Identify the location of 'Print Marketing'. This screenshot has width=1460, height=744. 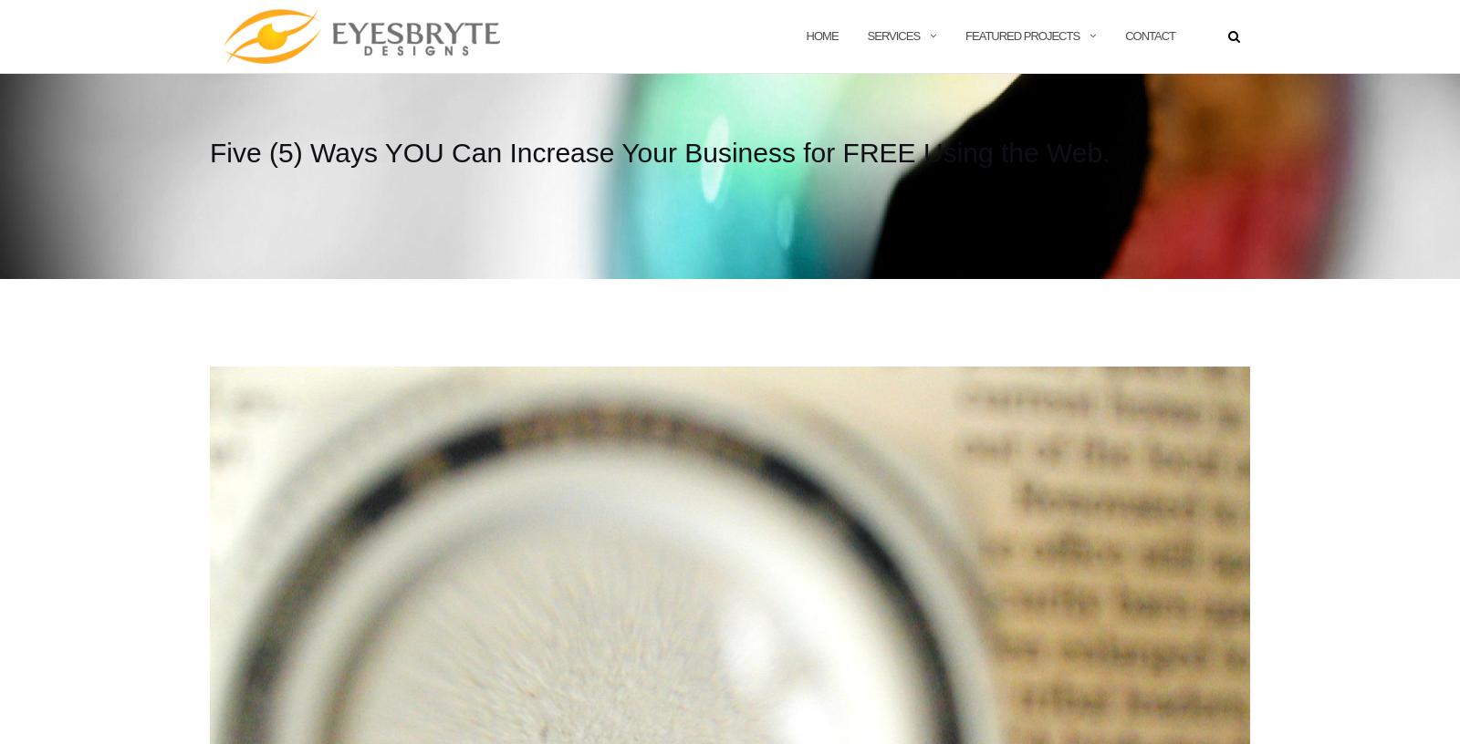
(925, 114).